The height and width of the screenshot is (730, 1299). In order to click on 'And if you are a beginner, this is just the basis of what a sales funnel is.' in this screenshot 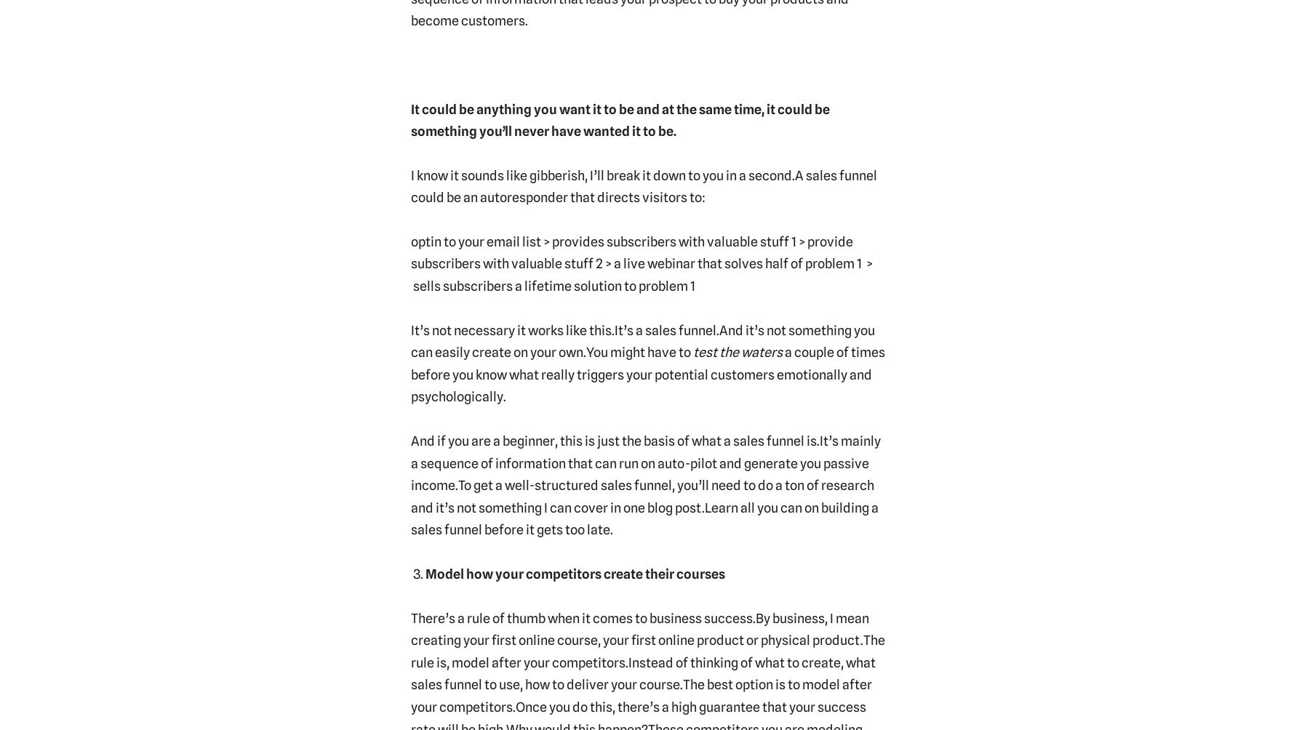, I will do `click(613, 441)`.